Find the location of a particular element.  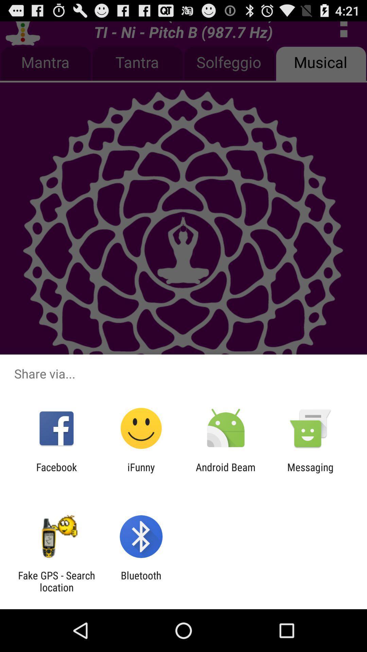

icon to the right of the android beam is located at coordinates (310, 473).